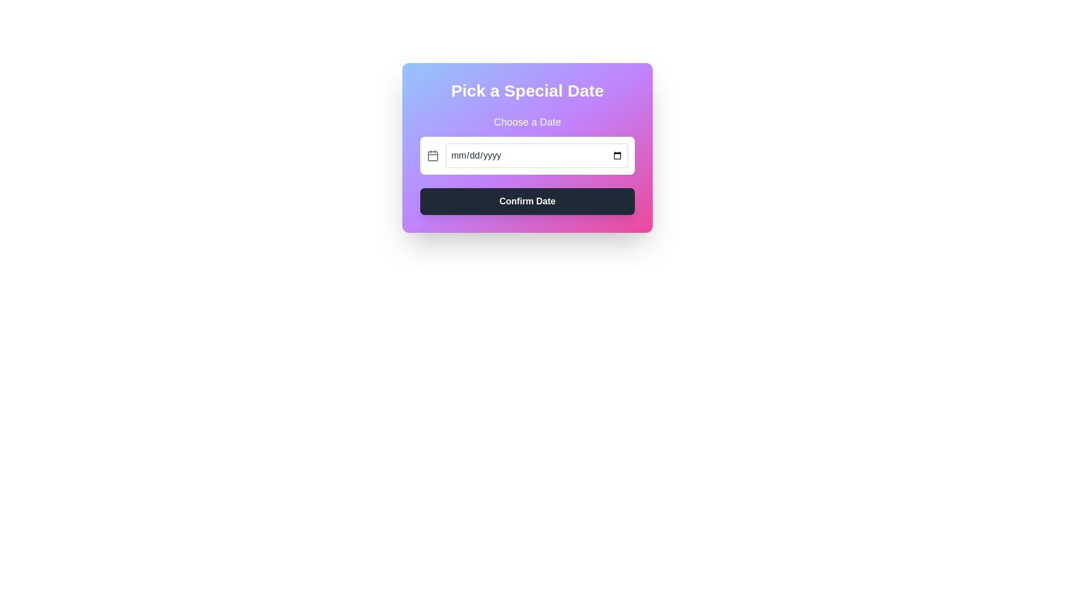  I want to click on the square-shaped icon within the calendar icon, positioned below the two vertical lines at the top edge, so click(432, 156).